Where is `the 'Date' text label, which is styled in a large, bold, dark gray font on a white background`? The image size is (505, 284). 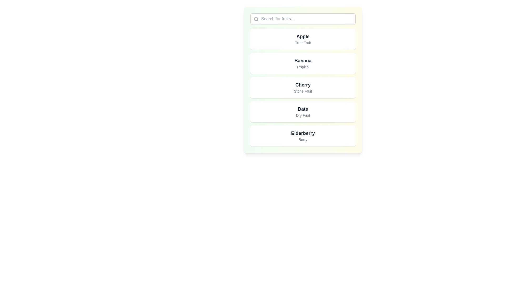
the 'Date' text label, which is styled in a large, bold, dark gray font on a white background is located at coordinates (303, 109).